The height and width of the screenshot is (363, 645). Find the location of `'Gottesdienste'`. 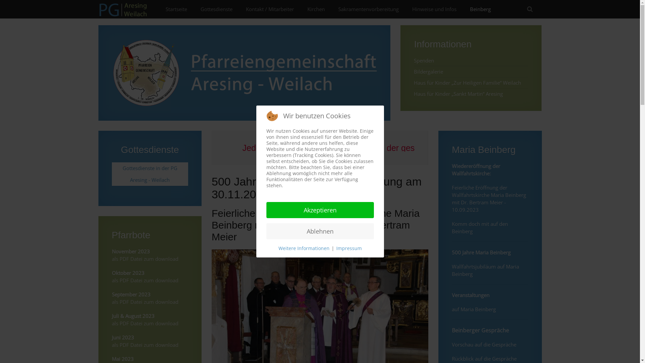

'Gottesdienste' is located at coordinates (193, 9).